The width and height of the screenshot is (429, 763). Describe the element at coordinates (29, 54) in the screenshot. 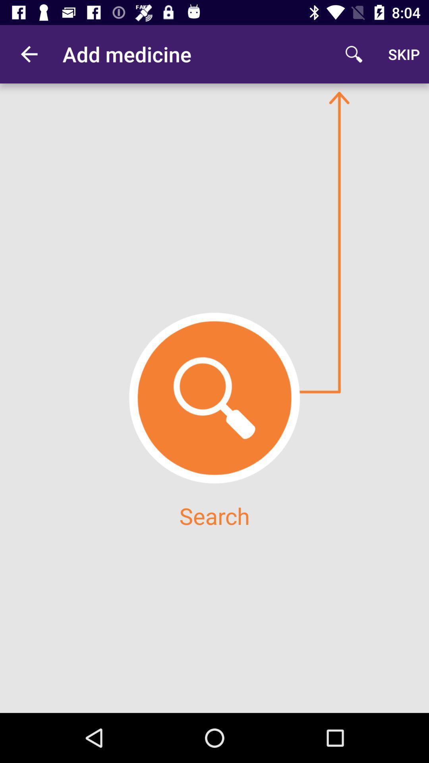

I see `the icon next to add medicine` at that location.